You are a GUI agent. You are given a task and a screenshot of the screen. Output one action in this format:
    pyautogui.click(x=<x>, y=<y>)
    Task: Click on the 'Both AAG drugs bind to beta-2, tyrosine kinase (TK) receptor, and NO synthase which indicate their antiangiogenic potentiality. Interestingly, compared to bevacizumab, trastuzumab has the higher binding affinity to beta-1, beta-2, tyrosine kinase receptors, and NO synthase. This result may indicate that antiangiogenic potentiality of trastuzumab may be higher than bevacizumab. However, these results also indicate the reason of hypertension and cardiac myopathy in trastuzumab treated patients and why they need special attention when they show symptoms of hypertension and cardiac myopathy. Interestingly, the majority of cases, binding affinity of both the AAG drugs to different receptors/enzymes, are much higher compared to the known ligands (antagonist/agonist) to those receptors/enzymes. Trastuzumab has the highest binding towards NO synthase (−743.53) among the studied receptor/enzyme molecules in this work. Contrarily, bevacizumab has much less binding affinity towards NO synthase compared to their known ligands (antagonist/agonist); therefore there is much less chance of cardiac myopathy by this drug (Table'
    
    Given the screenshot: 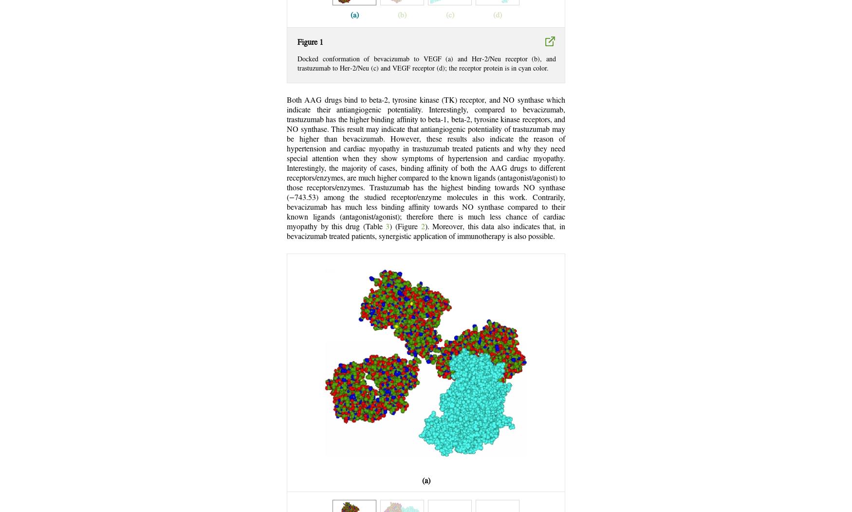 What is the action you would take?
    pyautogui.click(x=426, y=163)
    